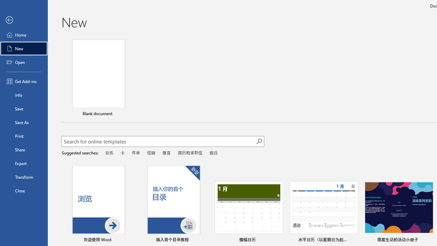 The height and width of the screenshot is (246, 437). Describe the element at coordinates (24, 108) in the screenshot. I see `'Save'` at that location.